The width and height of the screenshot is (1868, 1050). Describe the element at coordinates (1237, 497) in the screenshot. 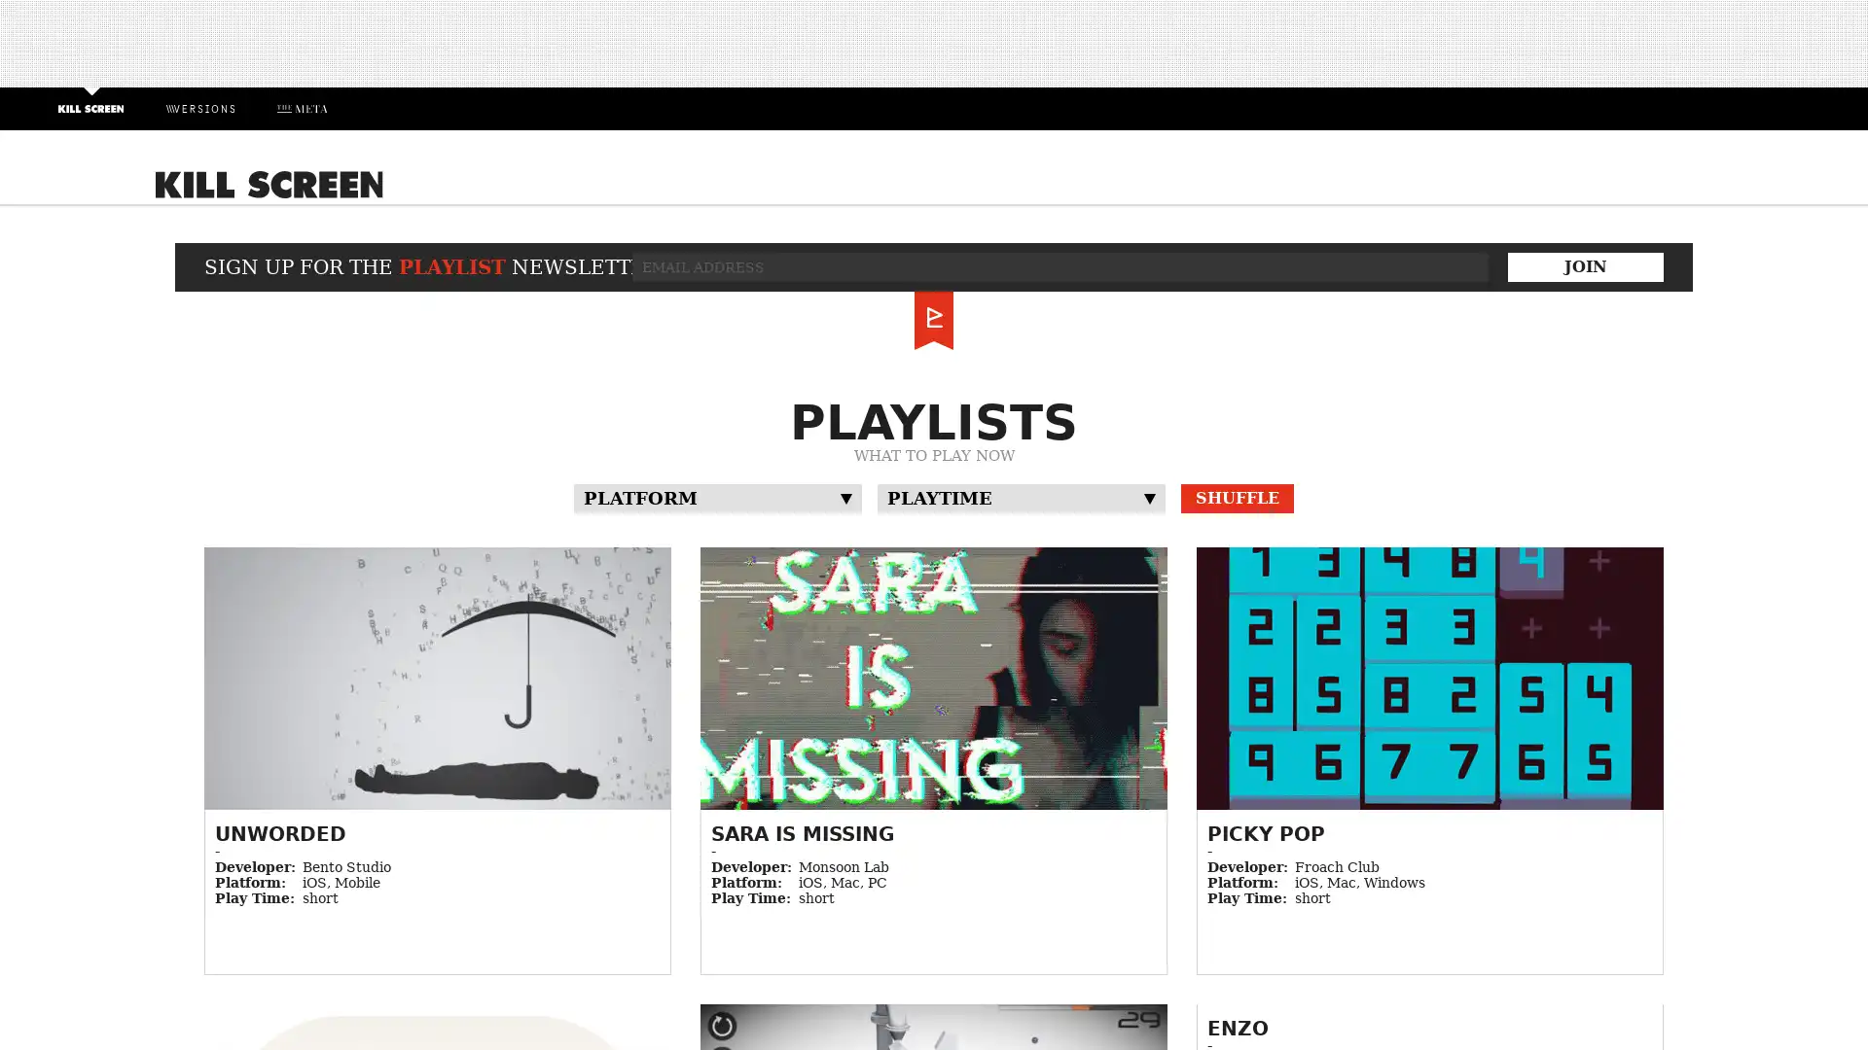

I see `SHUFFLE` at that location.